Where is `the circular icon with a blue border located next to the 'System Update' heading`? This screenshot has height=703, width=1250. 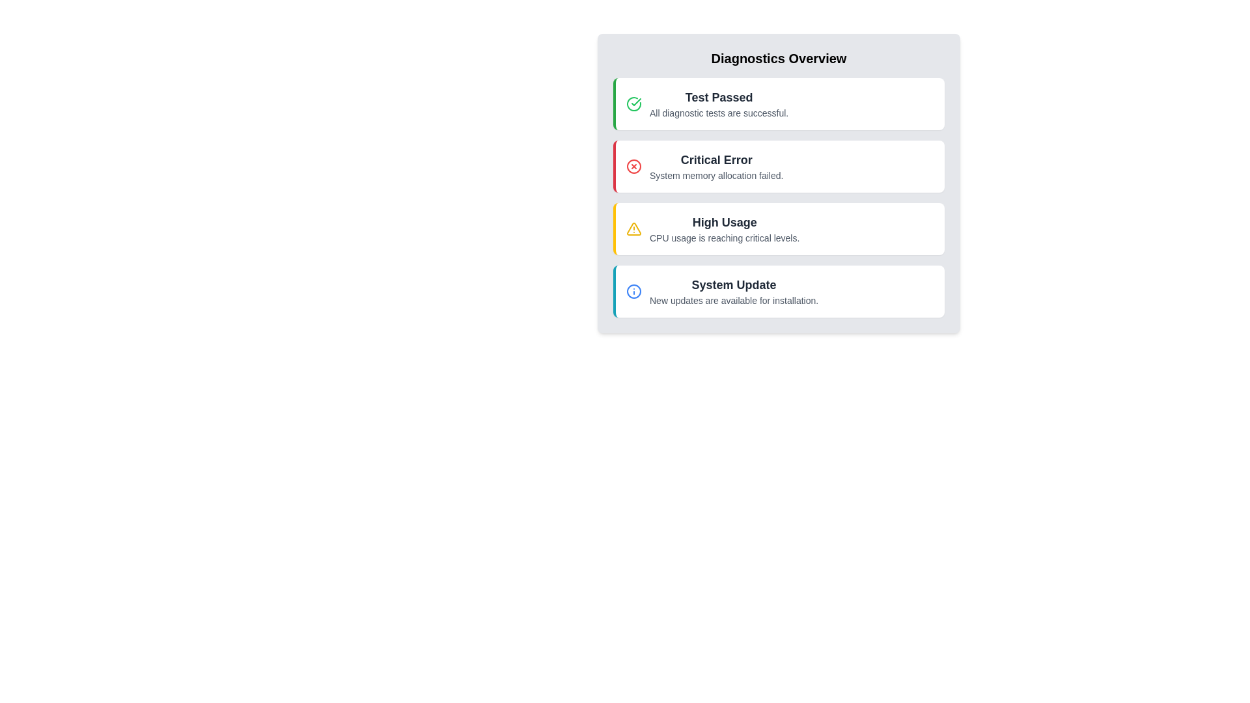
the circular icon with a blue border located next to the 'System Update' heading is located at coordinates (634, 290).